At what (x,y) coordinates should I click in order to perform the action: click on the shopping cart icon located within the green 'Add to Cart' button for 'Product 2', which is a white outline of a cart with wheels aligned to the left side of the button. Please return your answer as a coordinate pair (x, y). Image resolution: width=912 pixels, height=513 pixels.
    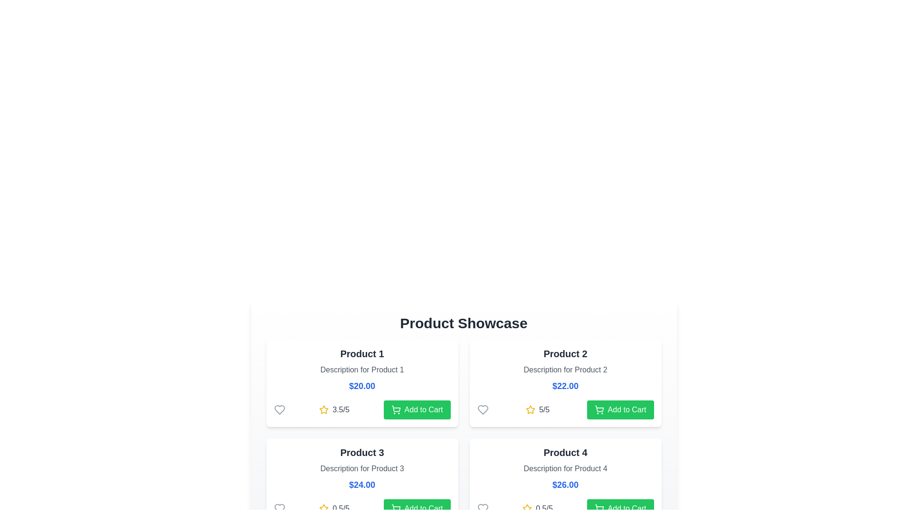
    Looking at the image, I should click on (598, 409).